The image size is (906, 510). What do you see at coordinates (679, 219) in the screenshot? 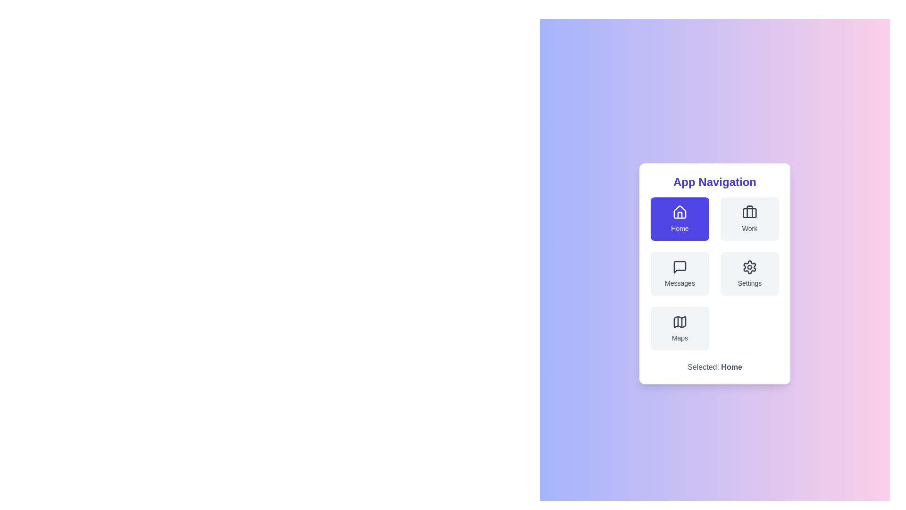
I see `the menu item labeled Home to preview its visual feedback` at bounding box center [679, 219].